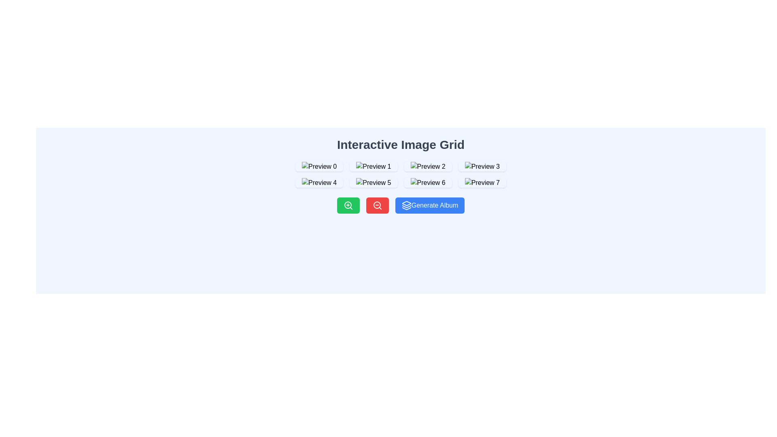 The image size is (777, 437). Describe the element at coordinates (319, 166) in the screenshot. I see `the image preview component labeled 'Preview 0'` at that location.